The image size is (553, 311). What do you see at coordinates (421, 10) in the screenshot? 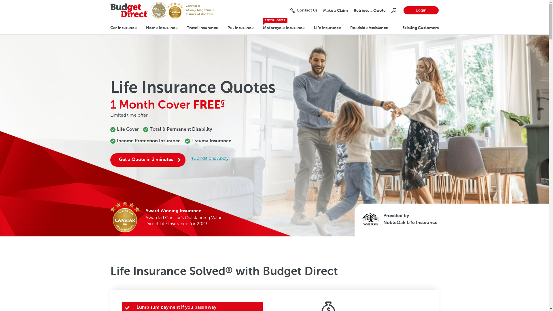
I see `'Login'` at bounding box center [421, 10].